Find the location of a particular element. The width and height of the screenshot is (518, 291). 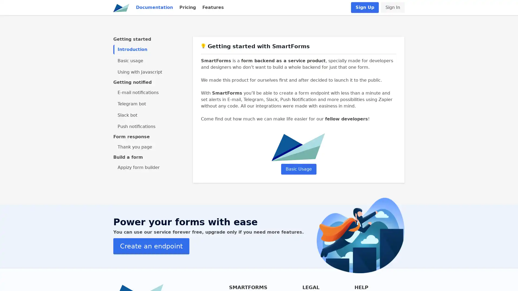

Basic Usage is located at coordinates (298, 169).